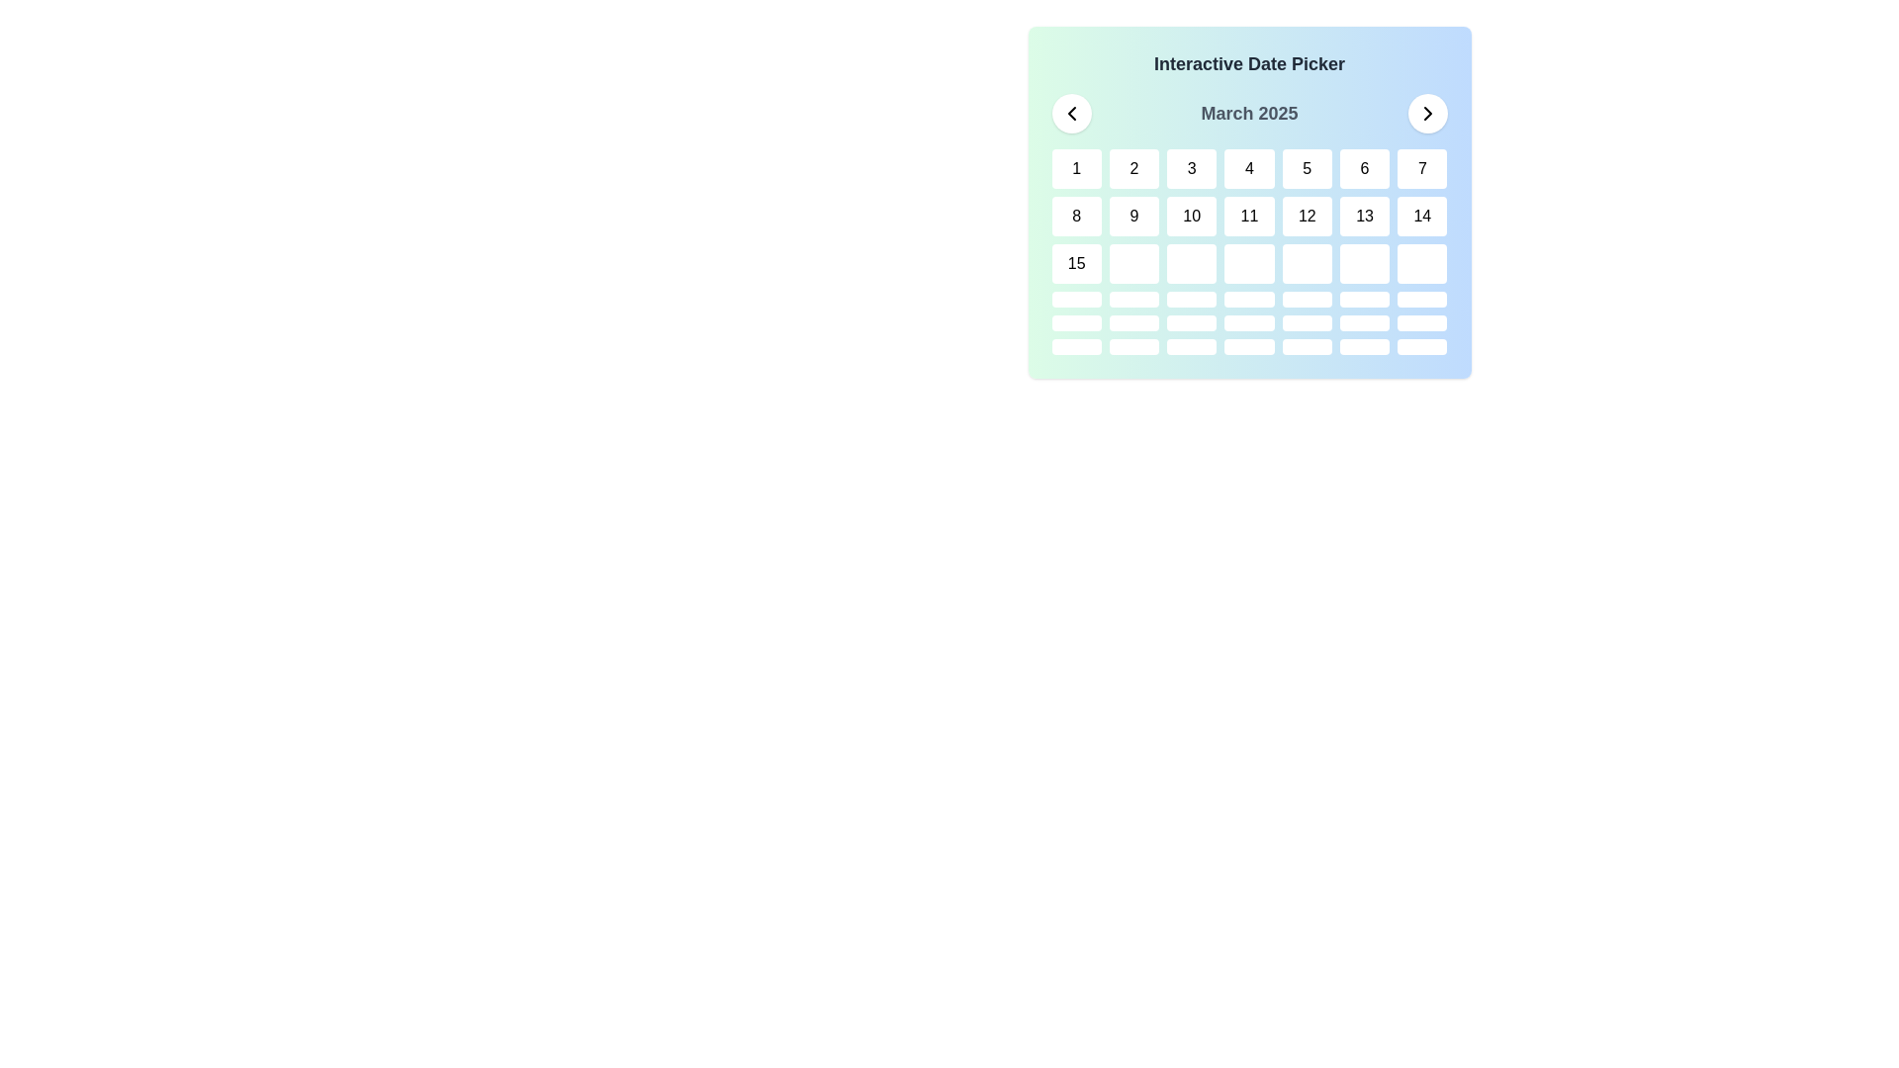 Image resolution: width=1899 pixels, height=1068 pixels. Describe the element at coordinates (1307, 300) in the screenshot. I see `the selectable cell in the fifth column of the fourth row in the calendar grid` at that location.